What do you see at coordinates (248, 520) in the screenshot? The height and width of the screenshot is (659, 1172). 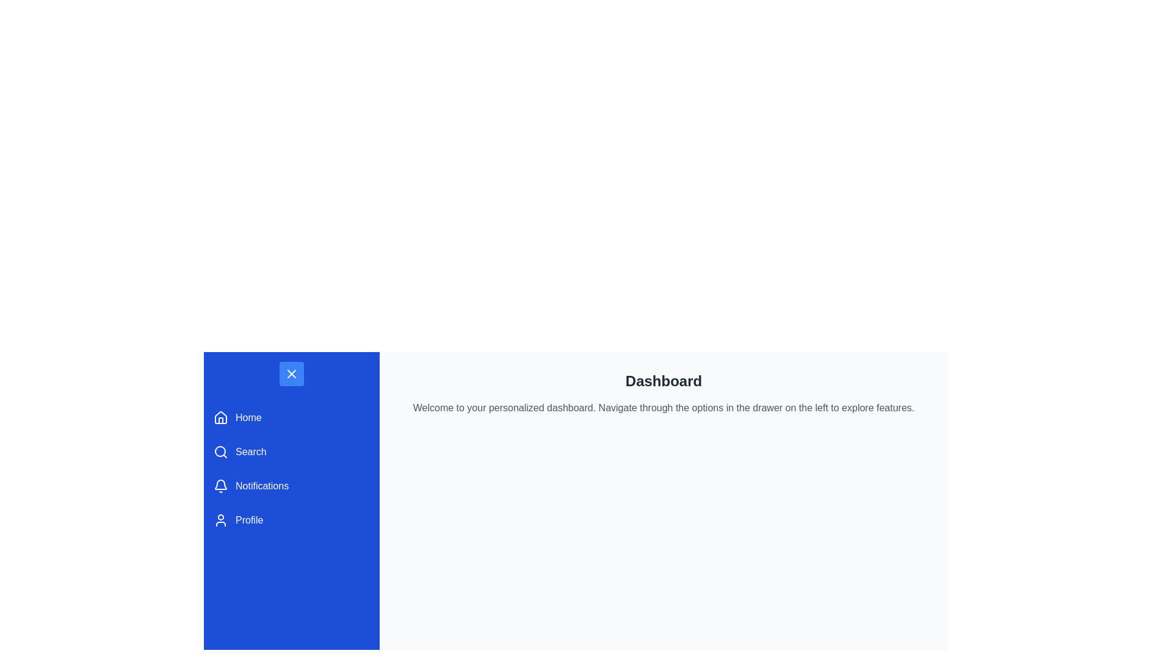 I see `the 'Profile' text element, which is part of the button that opens the user's profile settings in the left navigation panel, located to the right of the user icon` at bounding box center [248, 520].